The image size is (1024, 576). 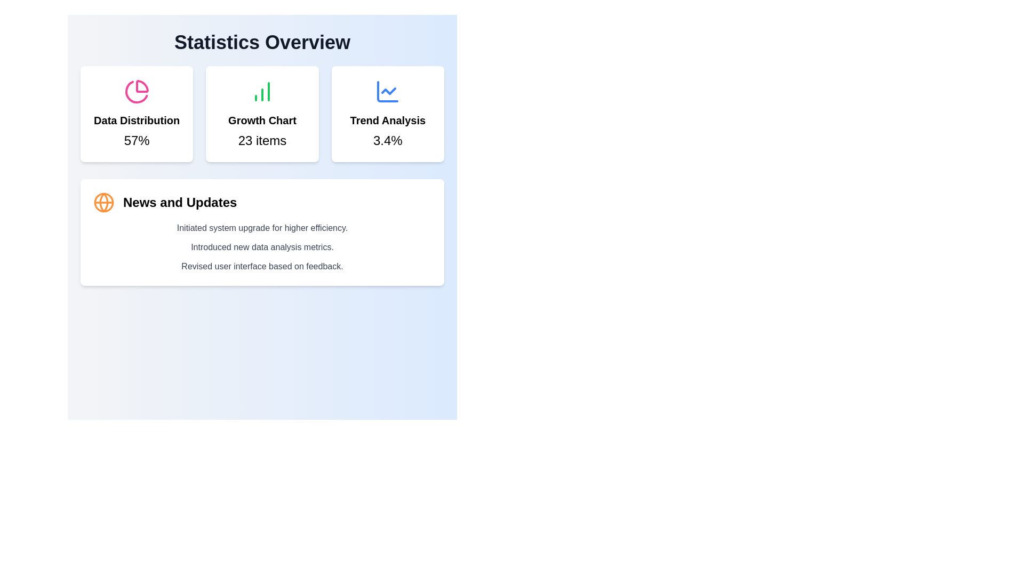 What do you see at coordinates (135, 91) in the screenshot?
I see `the Decorative SVG graphical segment that emphasizes the pie chart theme, located above the 'Data Distribution' label in the statistics overview cards` at bounding box center [135, 91].